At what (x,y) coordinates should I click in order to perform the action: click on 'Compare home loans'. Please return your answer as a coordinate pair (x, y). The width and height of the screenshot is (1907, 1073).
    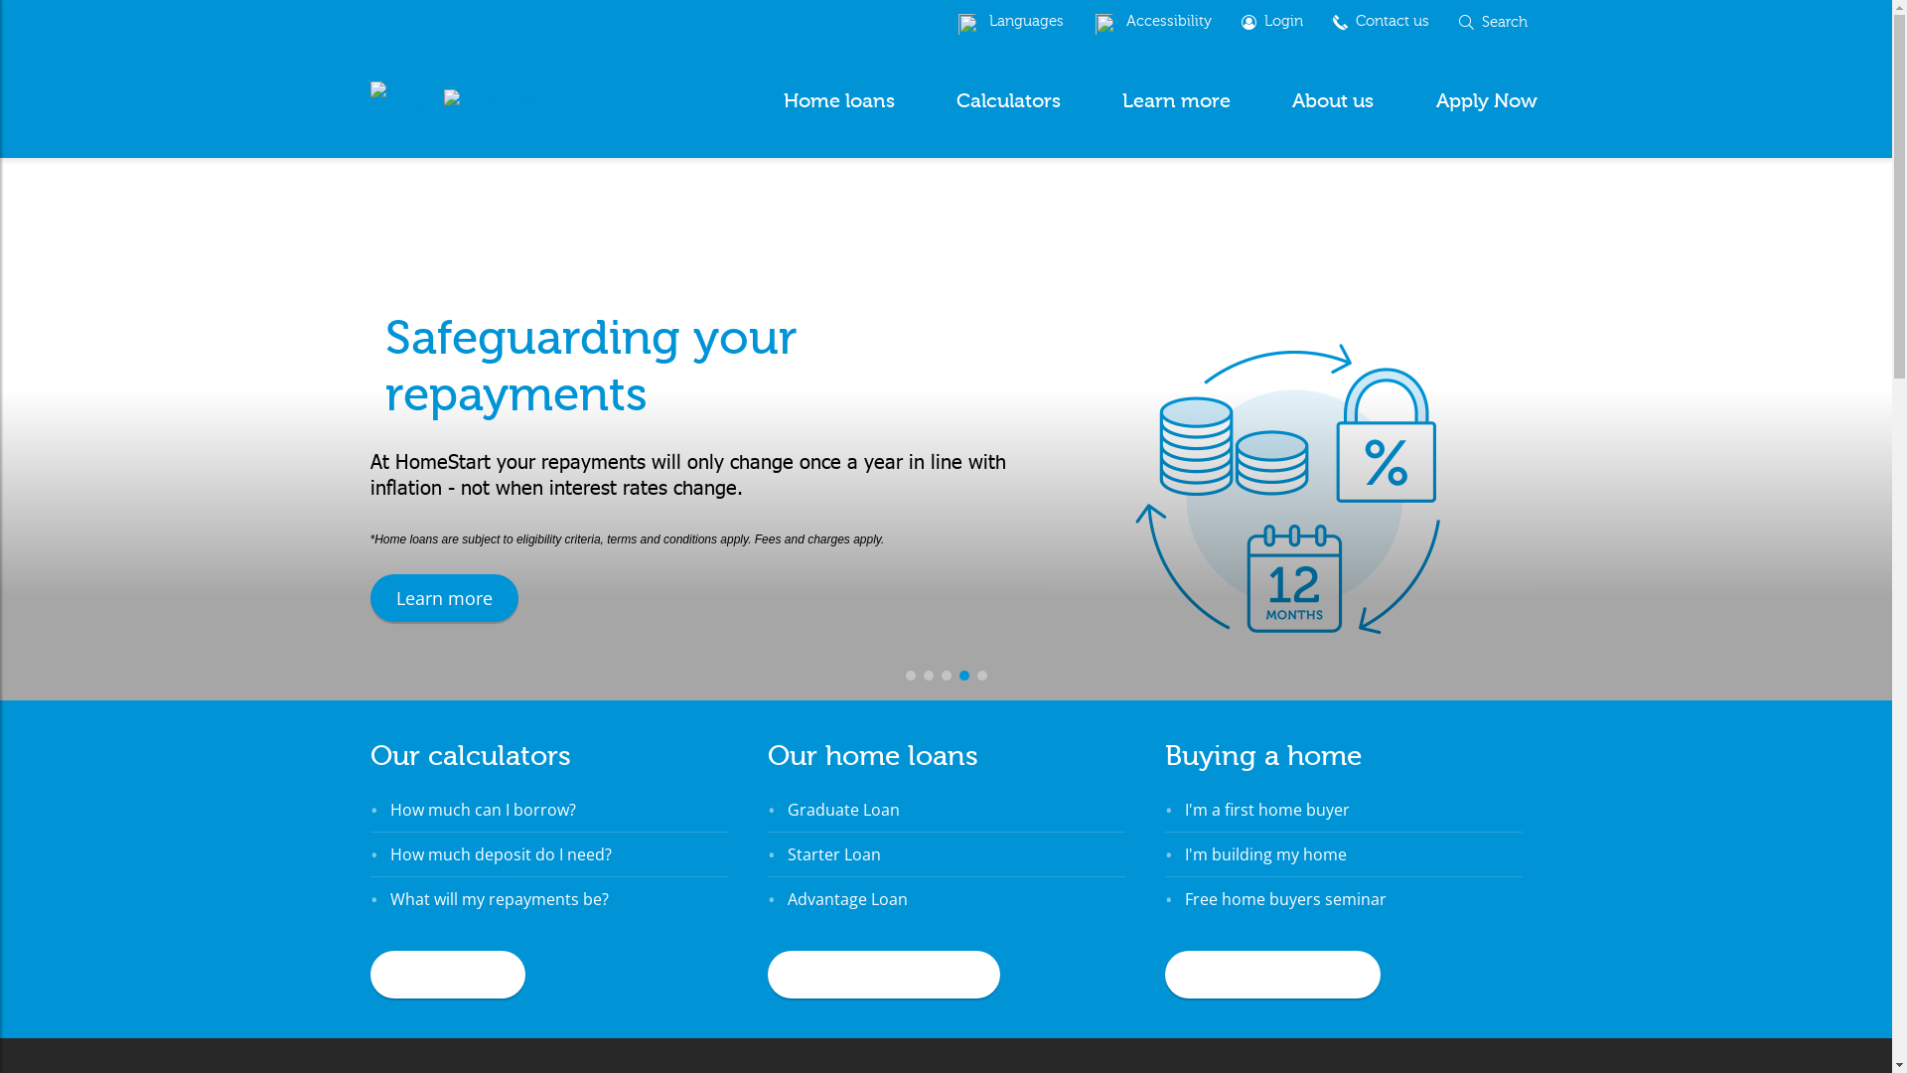
    Looking at the image, I should click on (881, 973).